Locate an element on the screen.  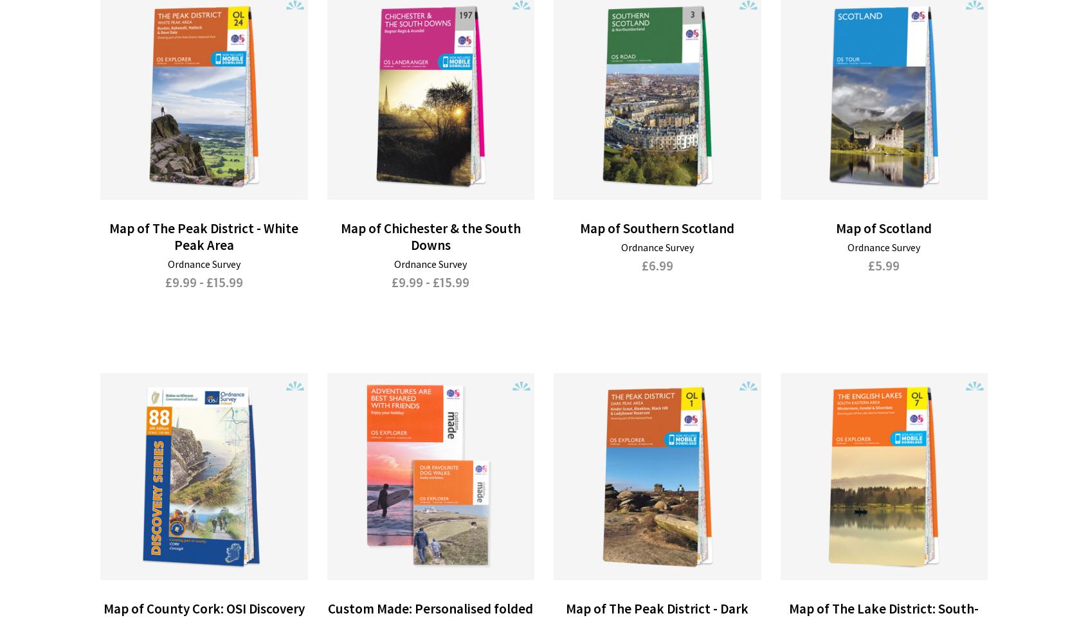
'OS Maps' is located at coordinates (134, 529).